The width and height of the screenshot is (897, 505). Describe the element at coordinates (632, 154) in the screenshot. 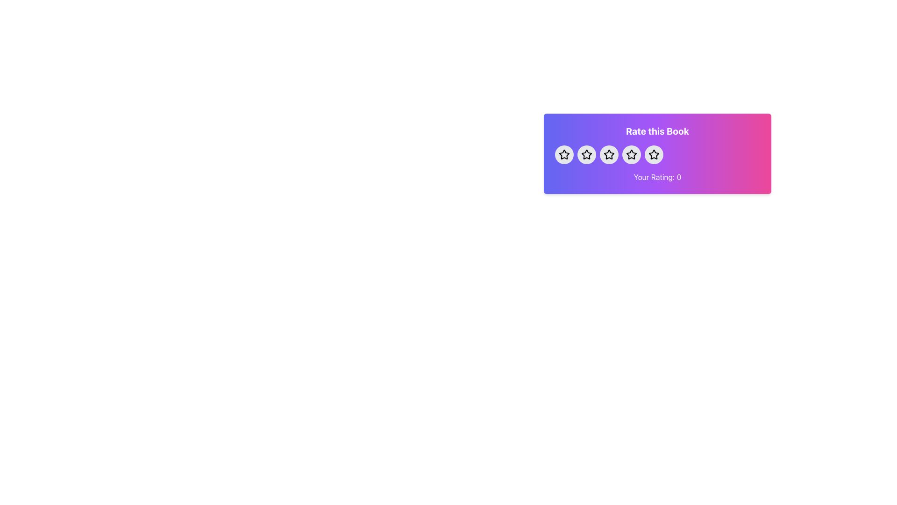

I see `the fourth star icon in the rating section` at that location.